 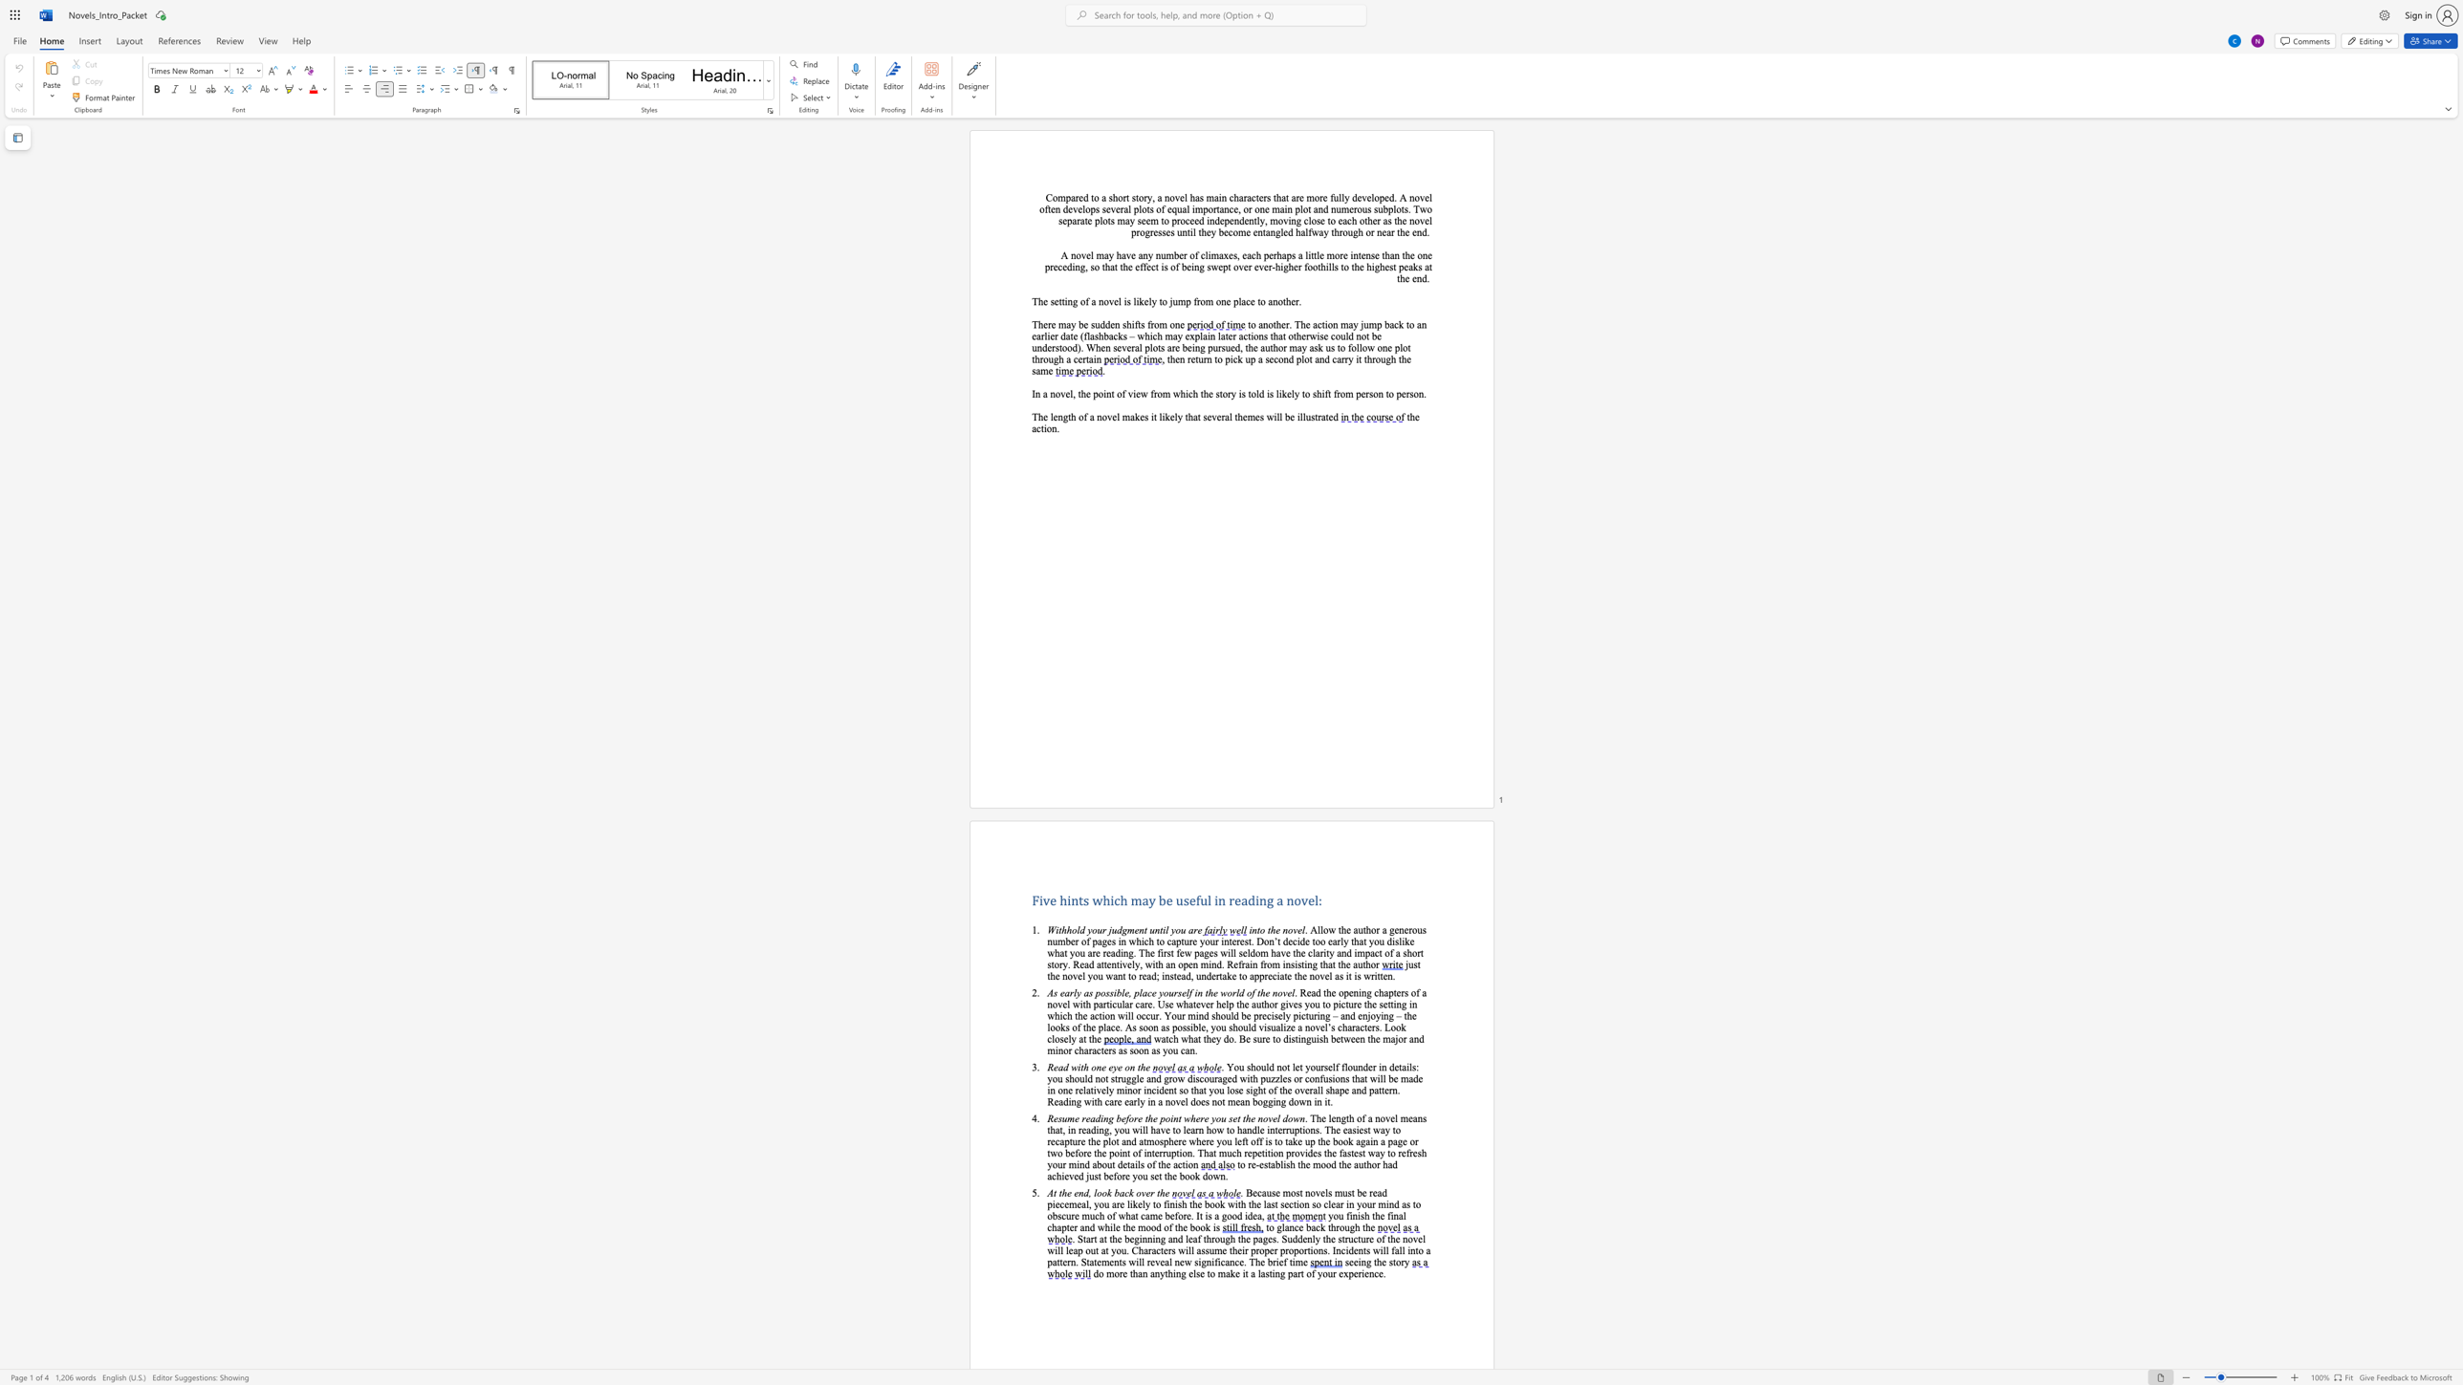 What do you see at coordinates (1392, 1215) in the screenshot?
I see `the subset text "nal chapter" within the text "final chapter"` at bounding box center [1392, 1215].